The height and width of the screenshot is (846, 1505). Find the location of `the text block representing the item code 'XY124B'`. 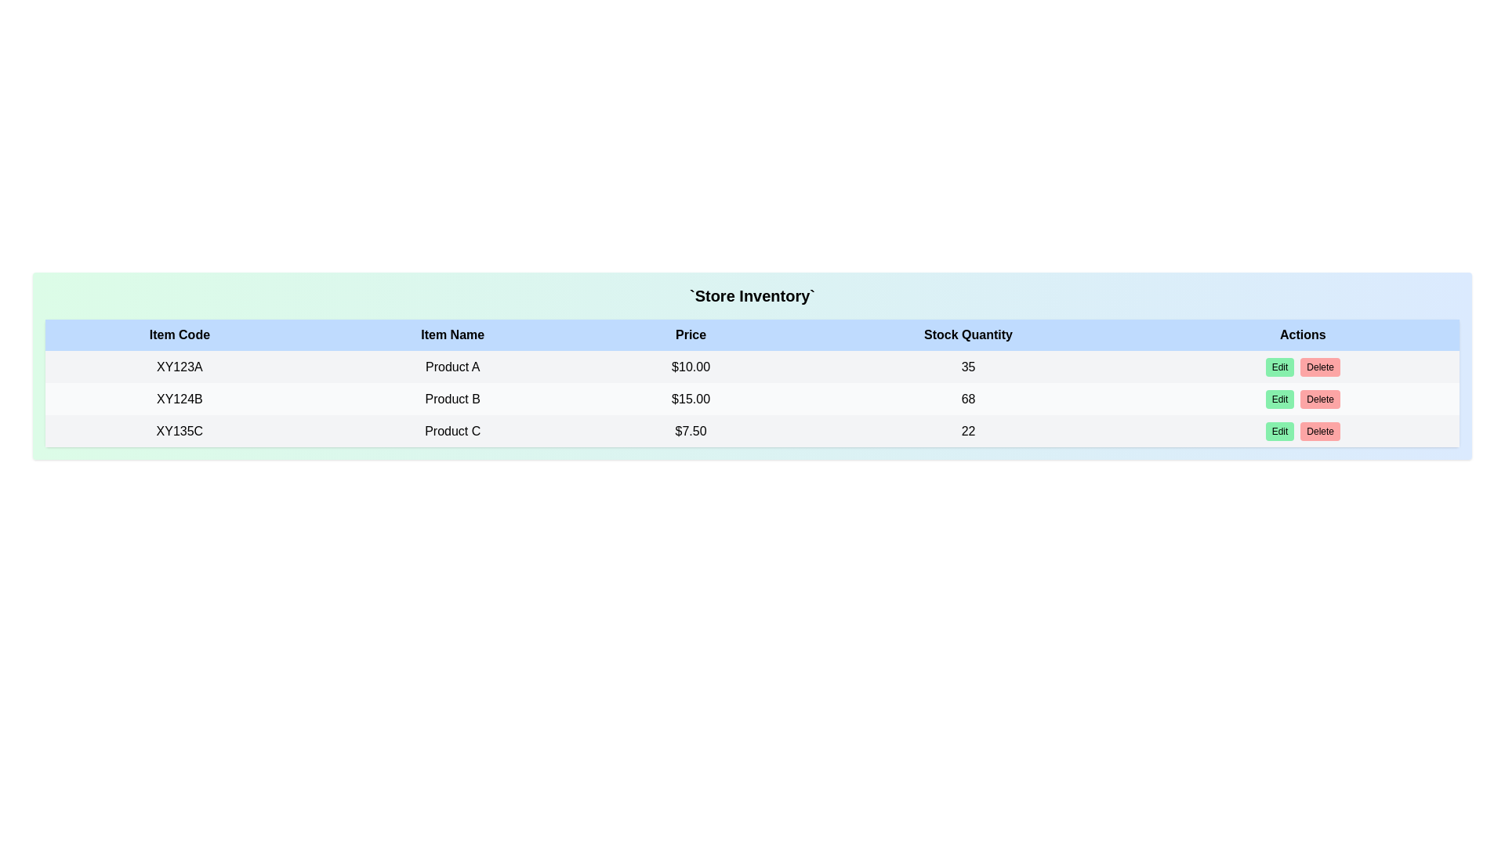

the text block representing the item code 'XY124B' is located at coordinates (180, 398).